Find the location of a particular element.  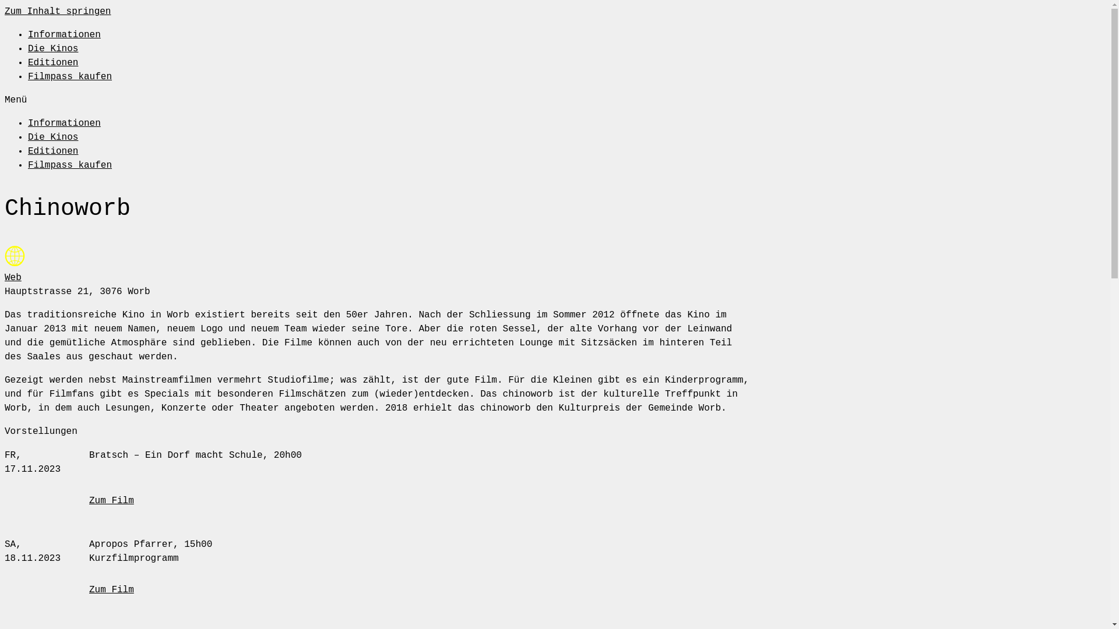

'Filmpass kaufen' is located at coordinates (28, 165).